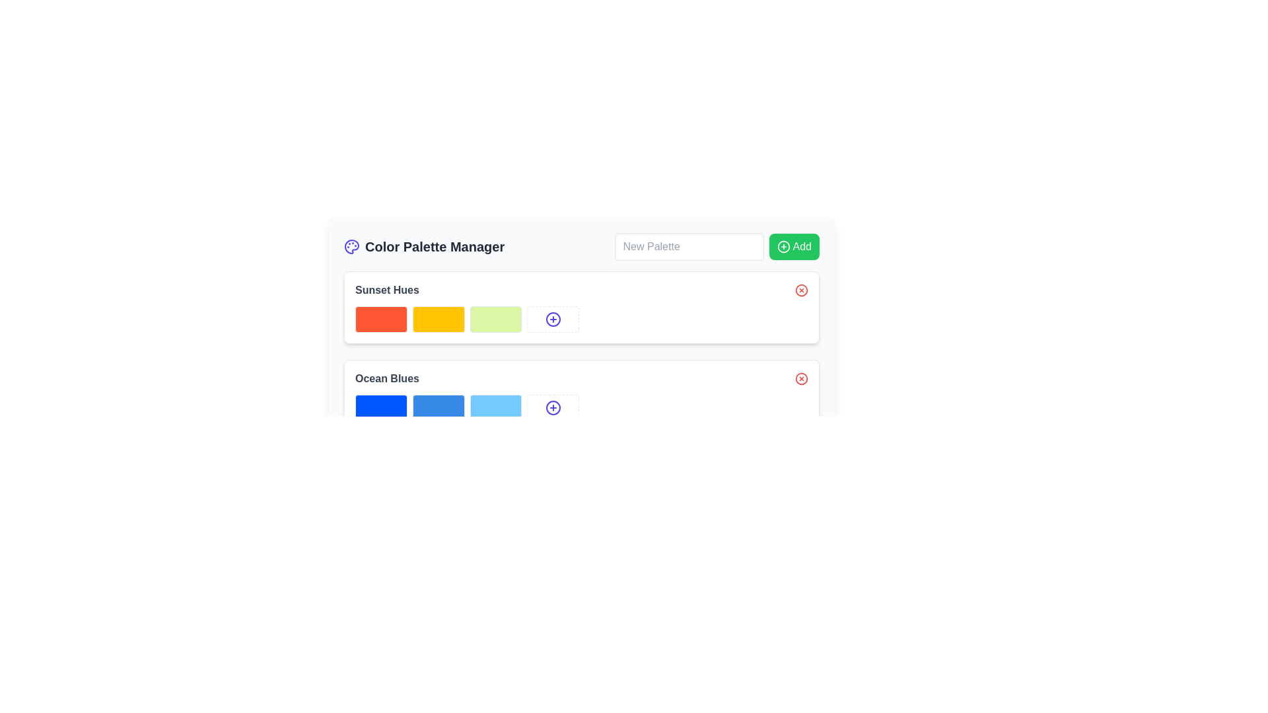  What do you see at coordinates (553, 319) in the screenshot?
I see `the icon located at the far-right of the color swatches under the palette labeled 'Sunset Hues'` at bounding box center [553, 319].